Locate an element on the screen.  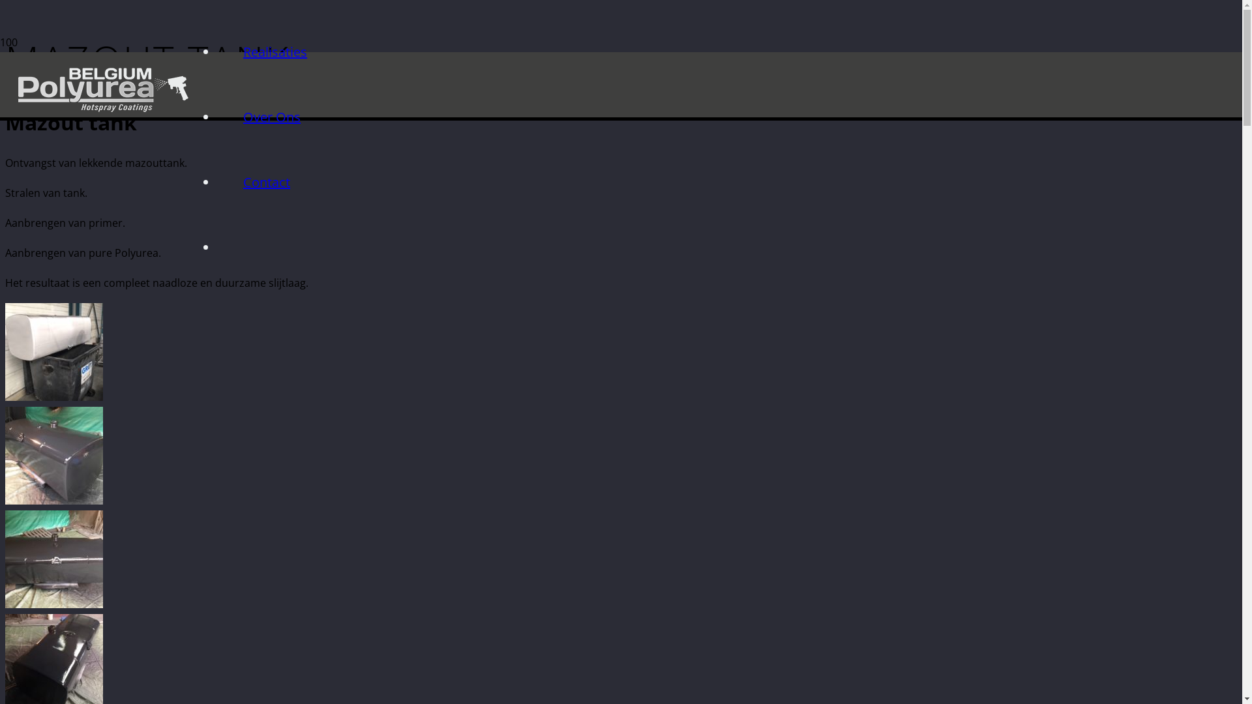
'Over Ons' is located at coordinates (271, 116).